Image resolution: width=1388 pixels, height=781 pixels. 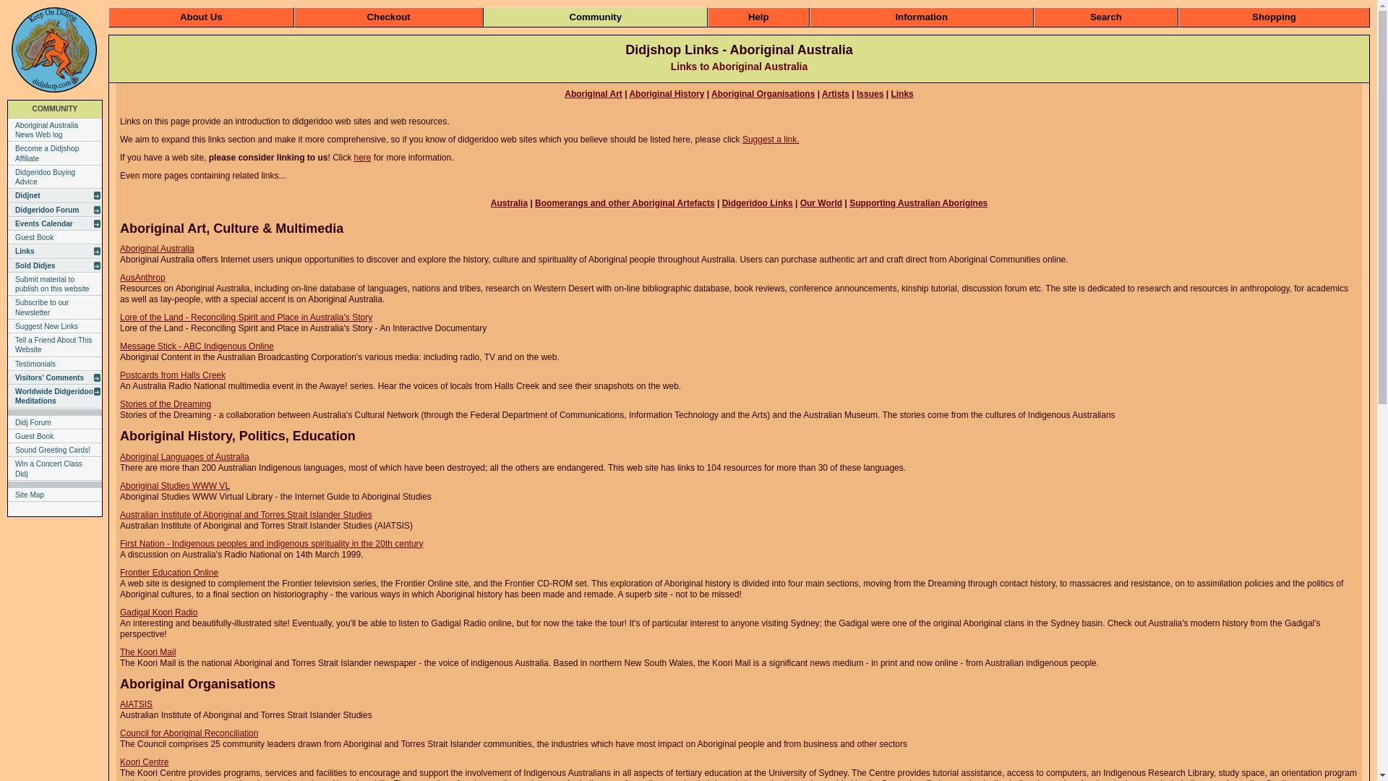 What do you see at coordinates (1251, 17) in the screenshot?
I see `'Shopping'` at bounding box center [1251, 17].